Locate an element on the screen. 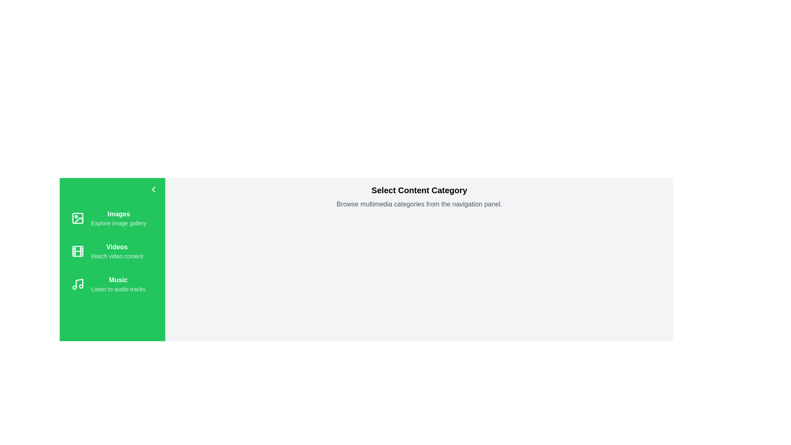  the icon for Videos in the navigation drawer is located at coordinates (77, 251).